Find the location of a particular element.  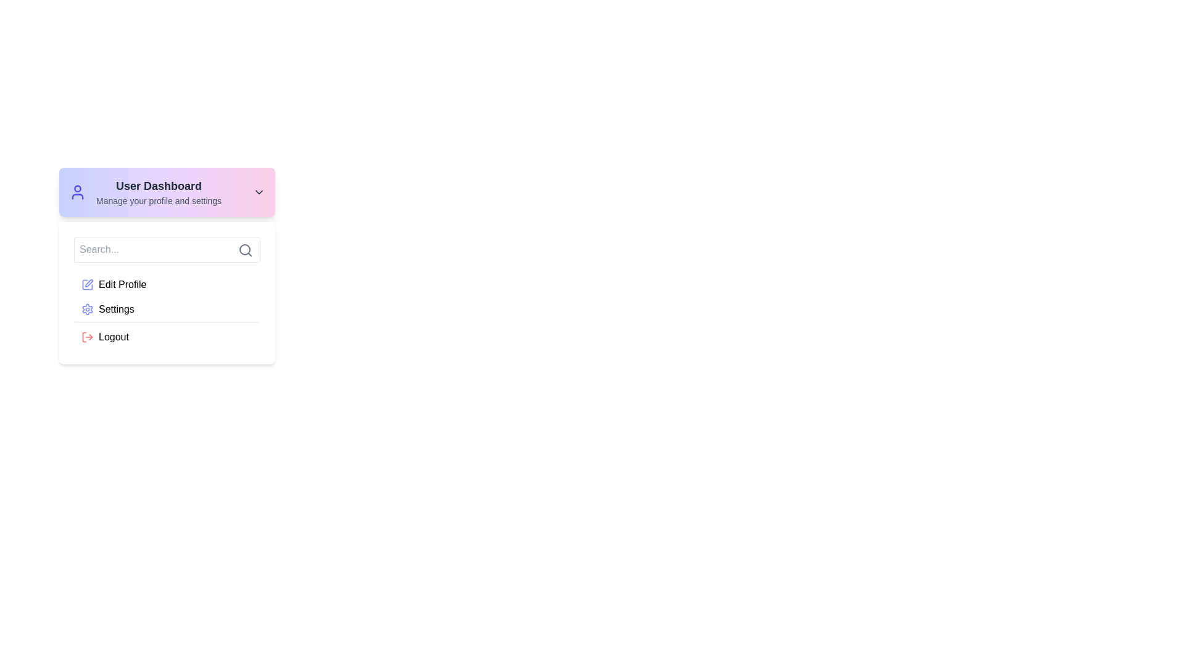

the decorative graphic circle that enhances the user profile icon in the dashboard header is located at coordinates (77, 189).